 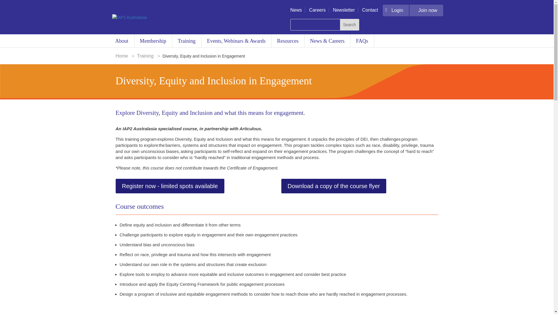 I want to click on 'FAQs', so click(x=362, y=40).